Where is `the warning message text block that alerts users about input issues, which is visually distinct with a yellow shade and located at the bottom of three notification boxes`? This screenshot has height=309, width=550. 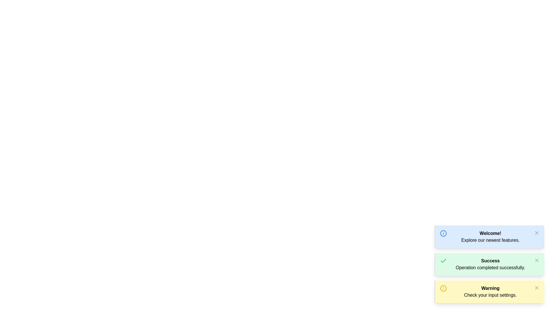 the warning message text block that alerts users about input issues, which is visually distinct with a yellow shade and located at the bottom of three notification boxes is located at coordinates (490, 292).